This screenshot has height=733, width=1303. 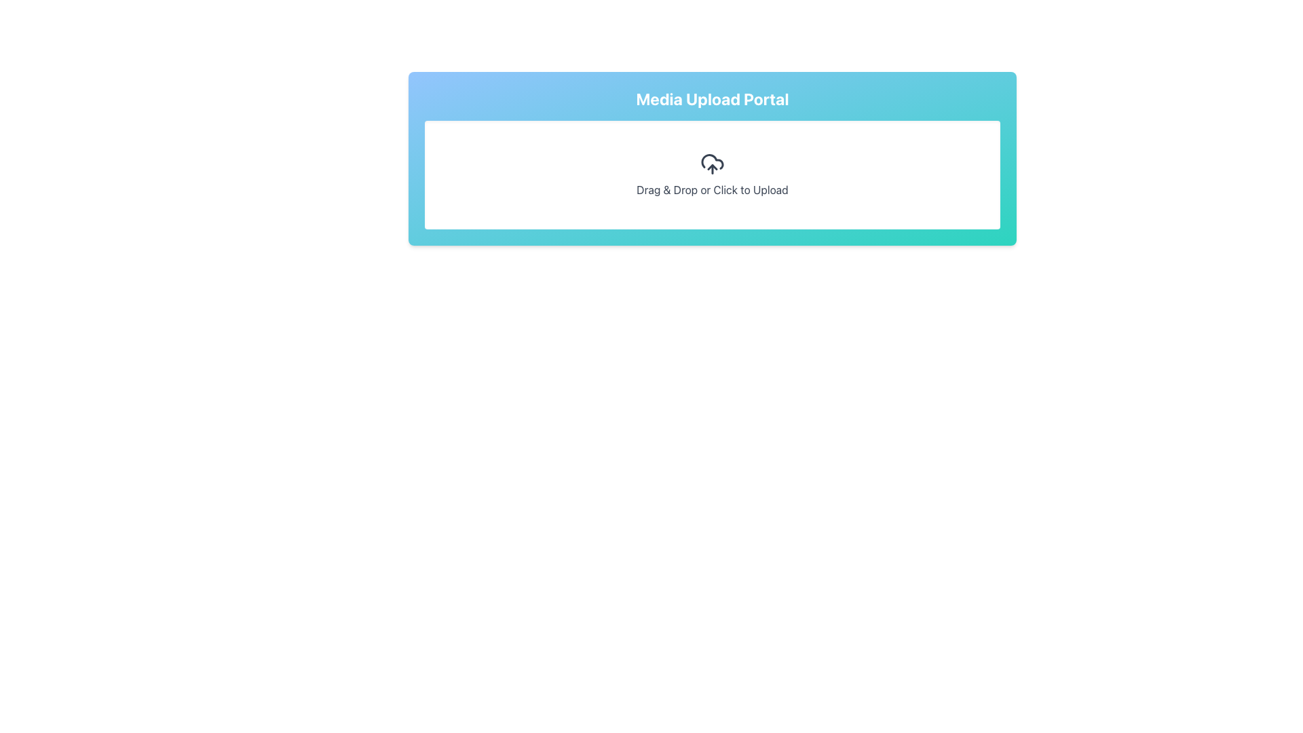 I want to click on the upload icon, which is part of the UI module that allows users to drag and drop files or click to open a file upload dialog, so click(x=712, y=164).